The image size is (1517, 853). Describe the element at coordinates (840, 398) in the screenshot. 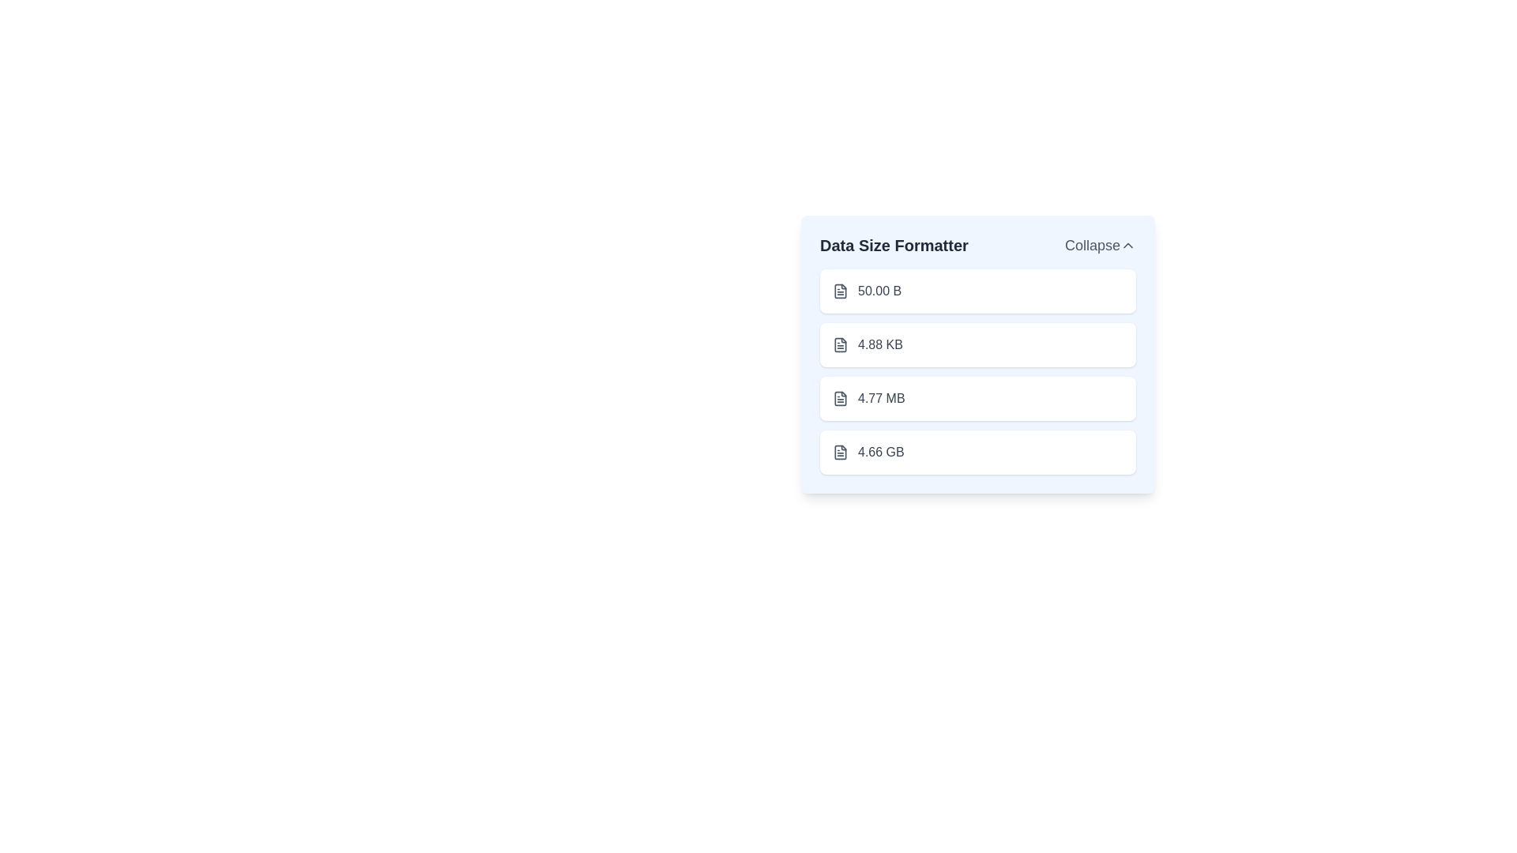

I see `the file icon located to the left of the text '4.77 MB' to enhance user recognition of the item` at that location.